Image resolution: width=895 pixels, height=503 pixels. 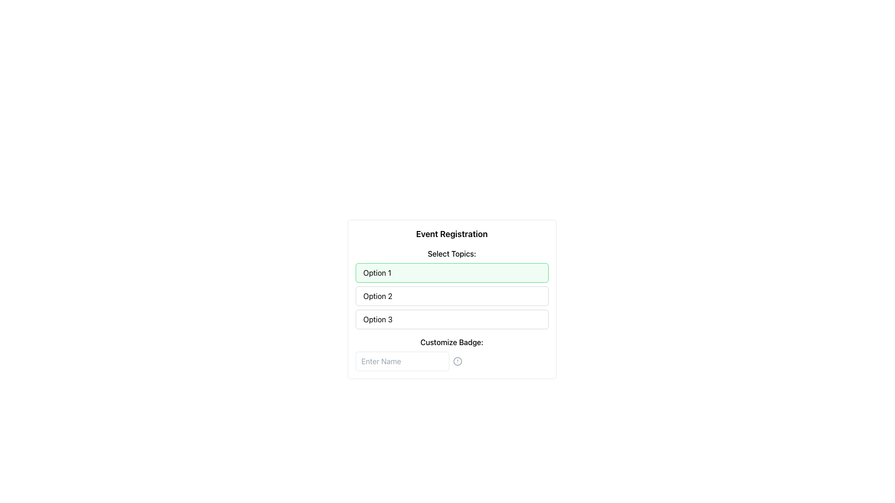 I want to click on text of the Label element displaying 'Customize Badge:' which is located within the 'Event Registration' section, so click(x=452, y=353).